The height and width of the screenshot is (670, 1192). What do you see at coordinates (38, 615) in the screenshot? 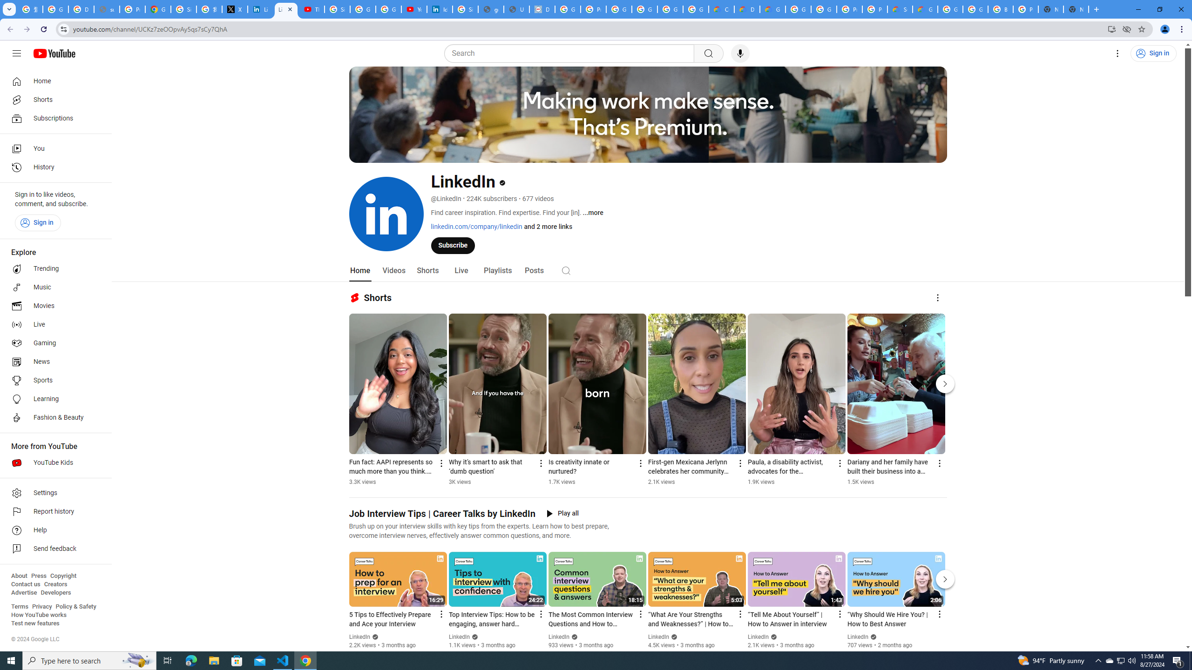
I see `'How YouTube works'` at bounding box center [38, 615].